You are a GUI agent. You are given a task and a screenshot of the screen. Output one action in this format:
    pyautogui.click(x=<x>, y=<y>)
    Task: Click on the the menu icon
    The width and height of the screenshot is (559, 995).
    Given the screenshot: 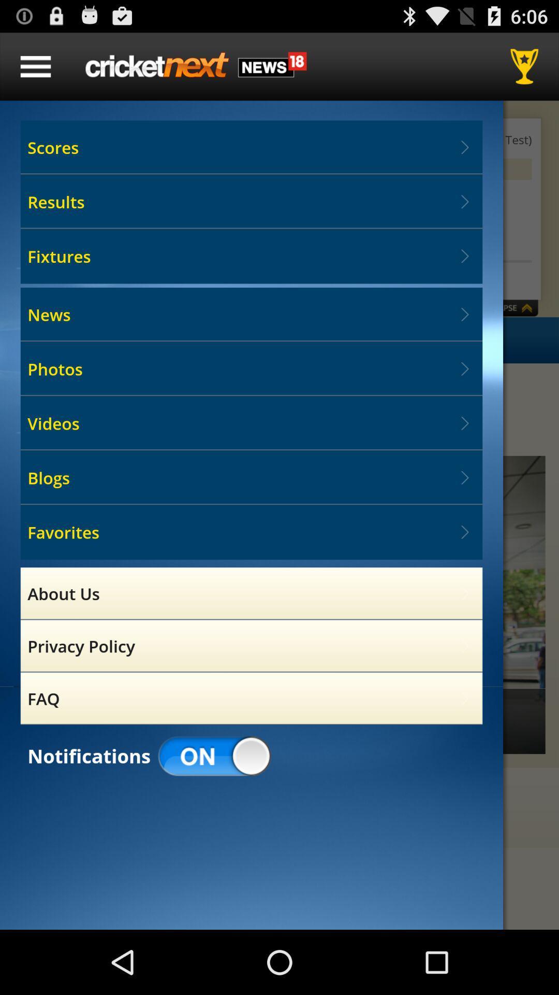 What is the action you would take?
    pyautogui.click(x=35, y=70)
    